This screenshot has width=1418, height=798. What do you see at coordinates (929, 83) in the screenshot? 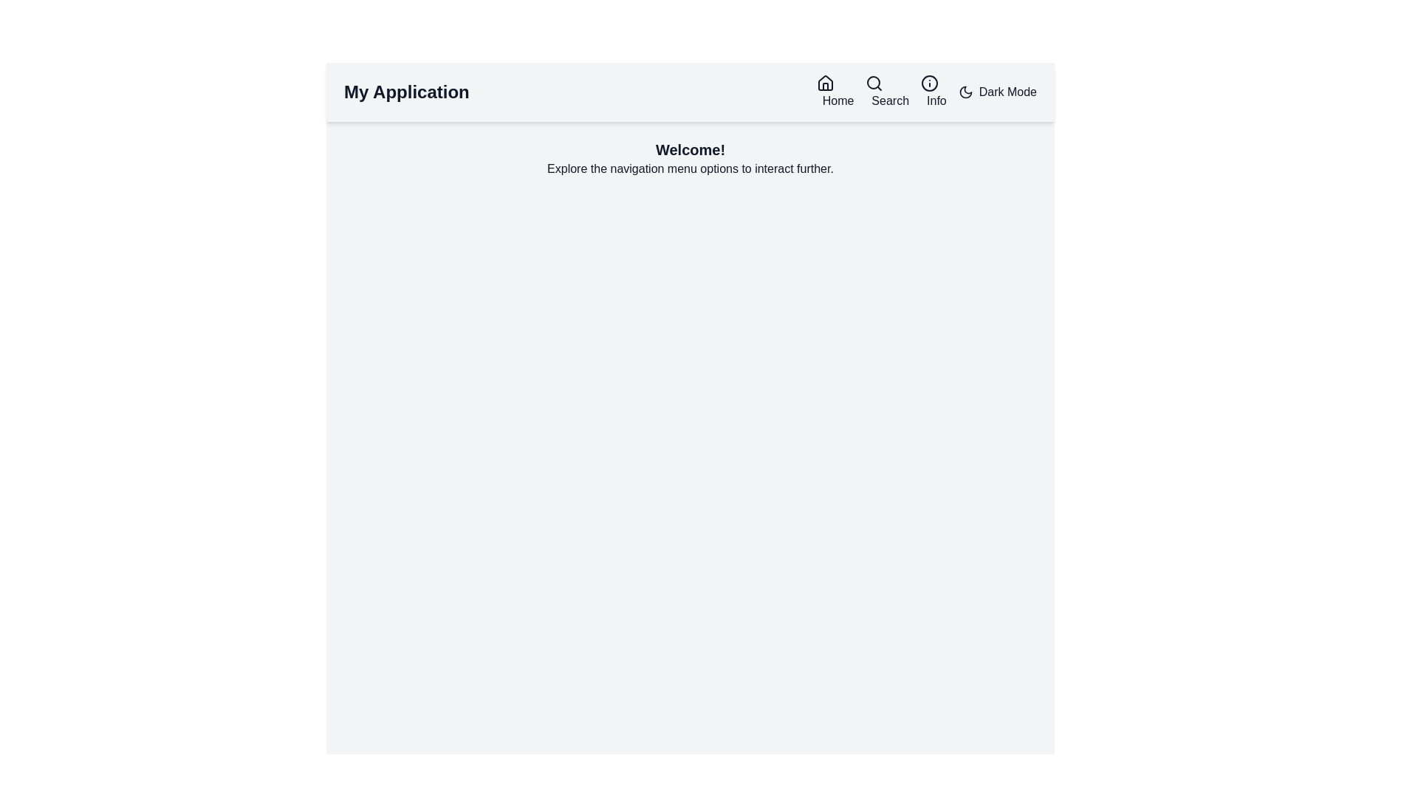
I see `the informational icon located in the top navigation bar, which is positioned to the right of the 'Search' icon and to the left of the 'Dark Mode' toggle` at bounding box center [929, 83].